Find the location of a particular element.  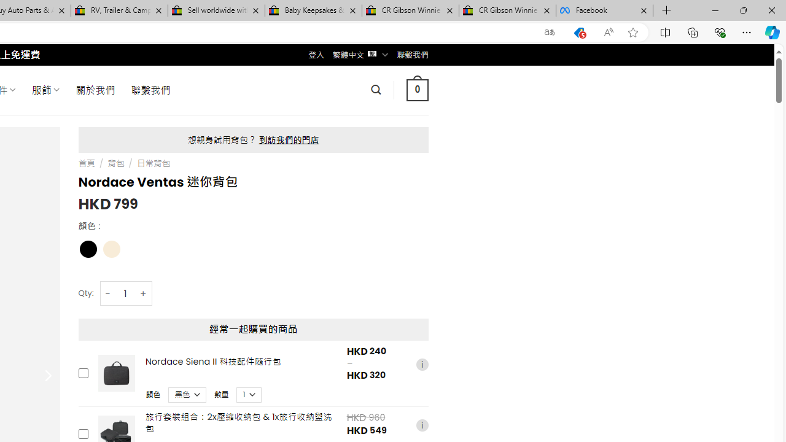

'+' is located at coordinates (144, 293).